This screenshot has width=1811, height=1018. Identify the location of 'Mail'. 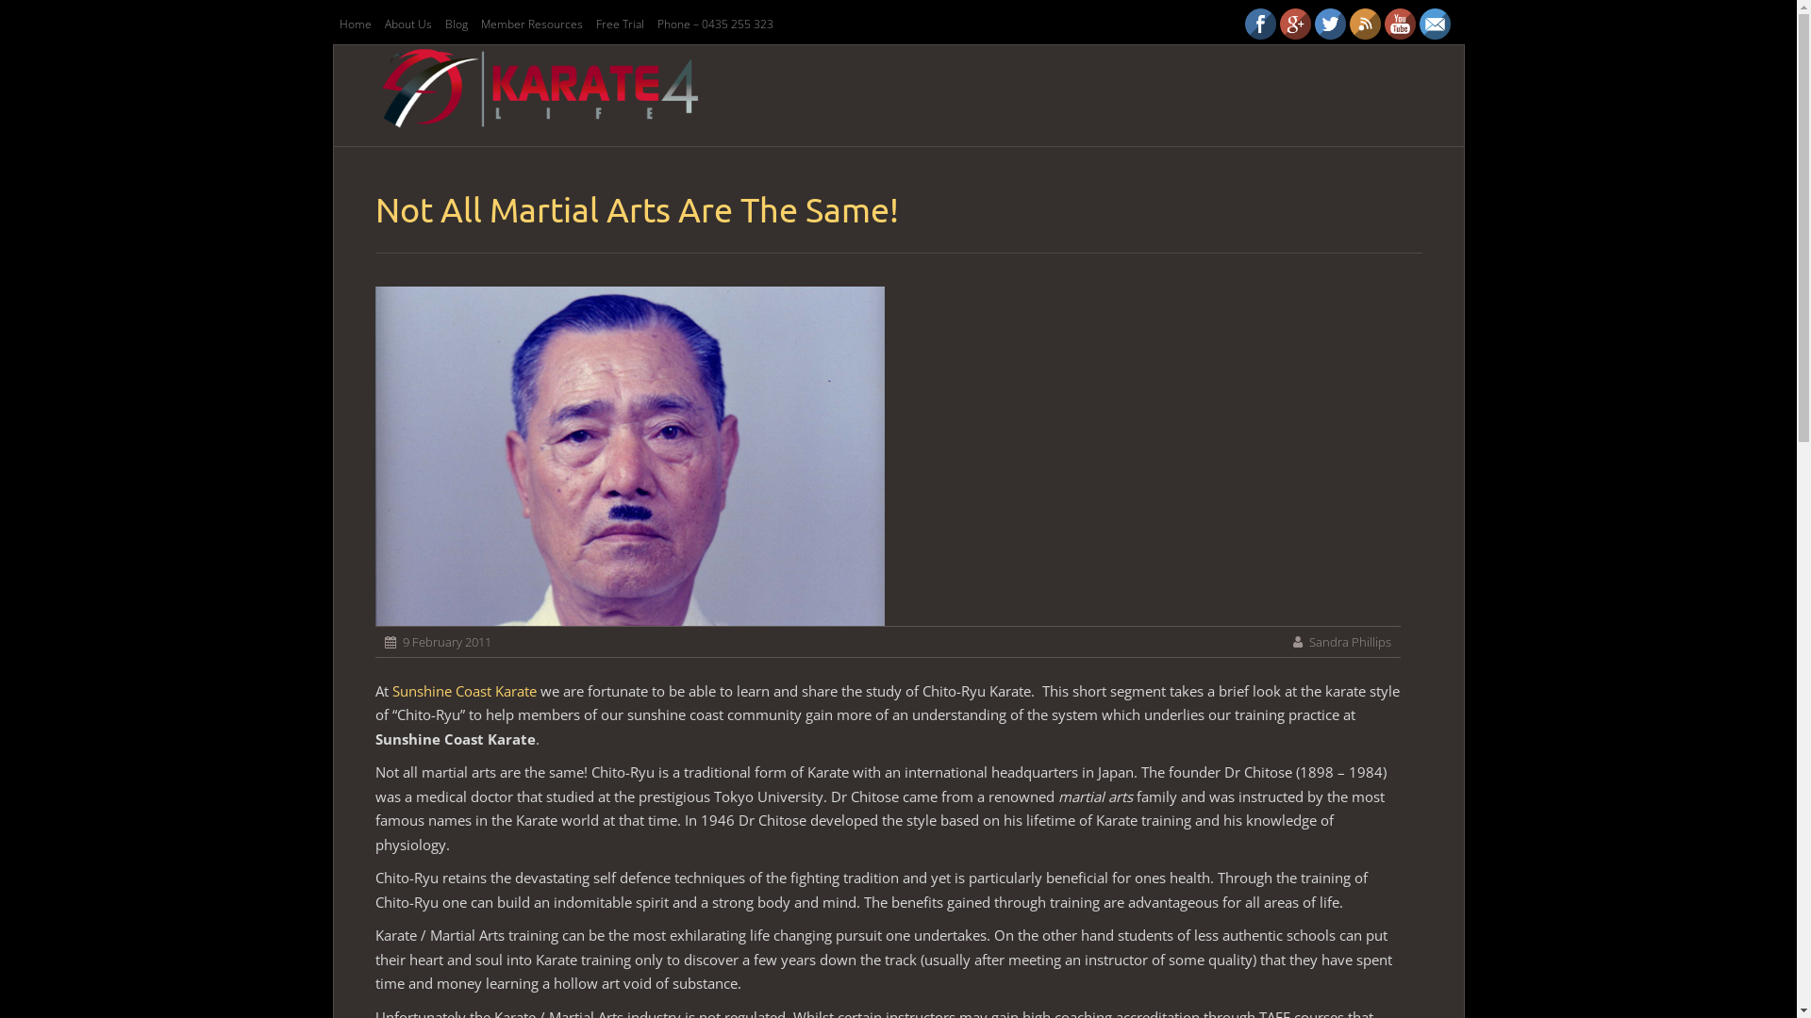
(1434, 24).